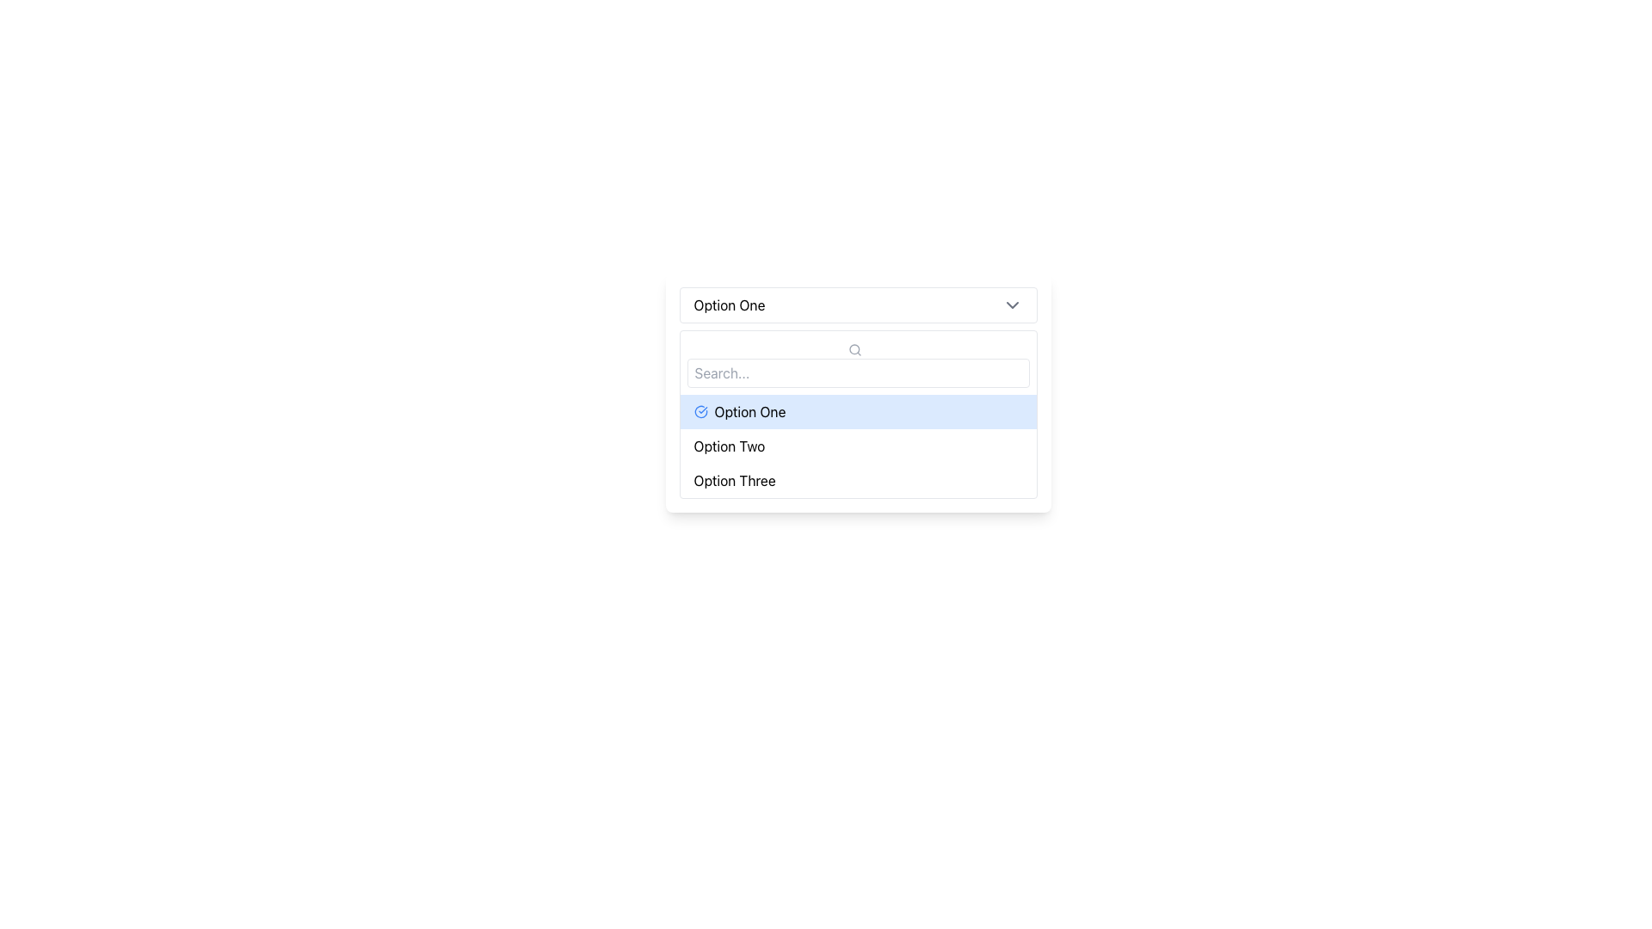 The width and height of the screenshot is (1652, 929). Describe the element at coordinates (858, 361) in the screenshot. I see `the search input field located inside the dropdown panel below the 'Option One' toggle to focus on it` at that location.